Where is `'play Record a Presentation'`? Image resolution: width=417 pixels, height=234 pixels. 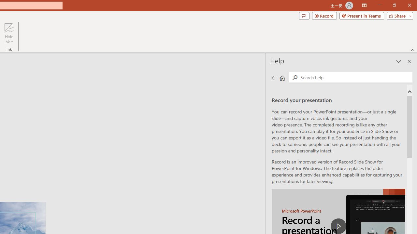 'play Record a Presentation' is located at coordinates (338, 226).